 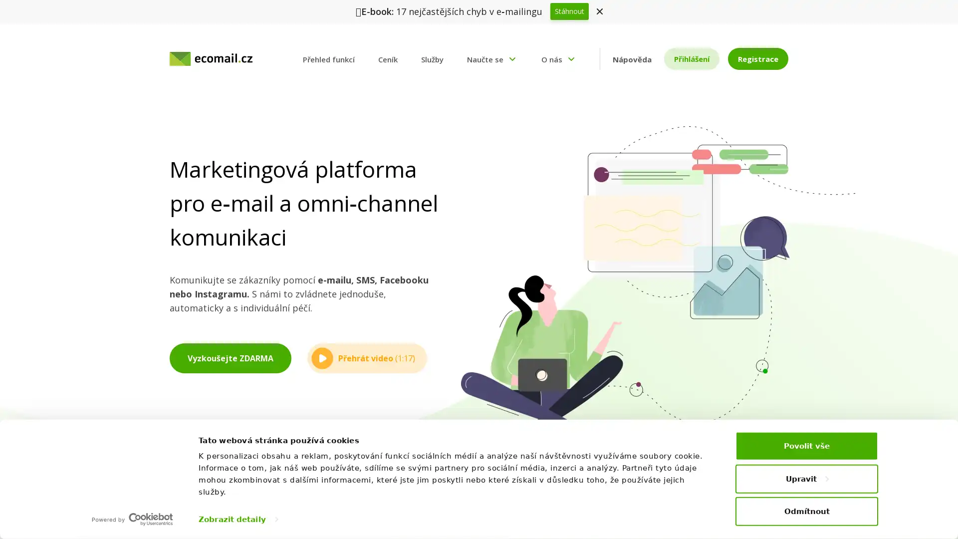 I want to click on Odmitnout, so click(x=807, y=511).